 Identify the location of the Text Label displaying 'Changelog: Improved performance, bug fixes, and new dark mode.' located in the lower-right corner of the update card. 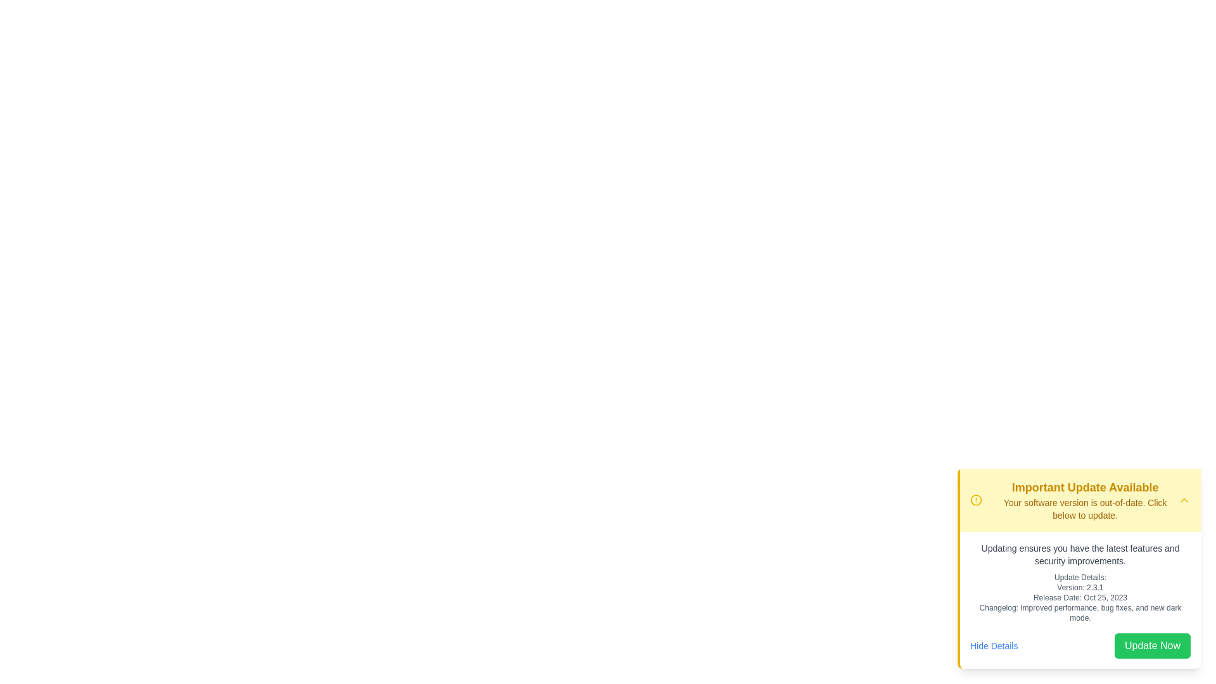
(1079, 612).